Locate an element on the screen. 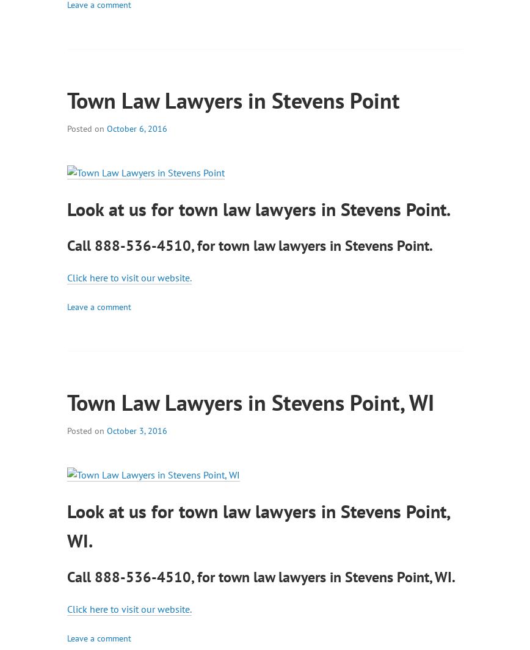 The height and width of the screenshot is (650, 530). 'October 3, 2016' is located at coordinates (137, 430).